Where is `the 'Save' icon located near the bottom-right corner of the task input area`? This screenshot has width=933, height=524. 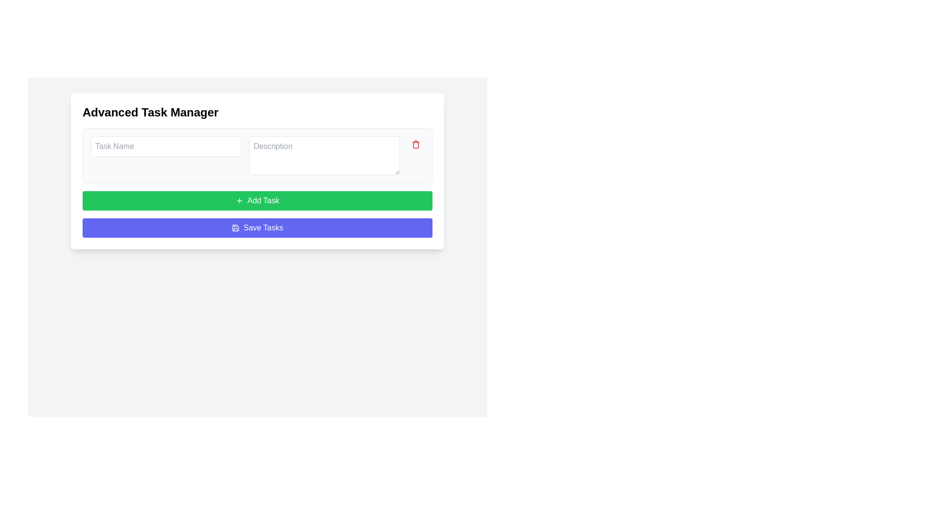
the 'Save' icon located near the bottom-right corner of the task input area is located at coordinates (236, 228).